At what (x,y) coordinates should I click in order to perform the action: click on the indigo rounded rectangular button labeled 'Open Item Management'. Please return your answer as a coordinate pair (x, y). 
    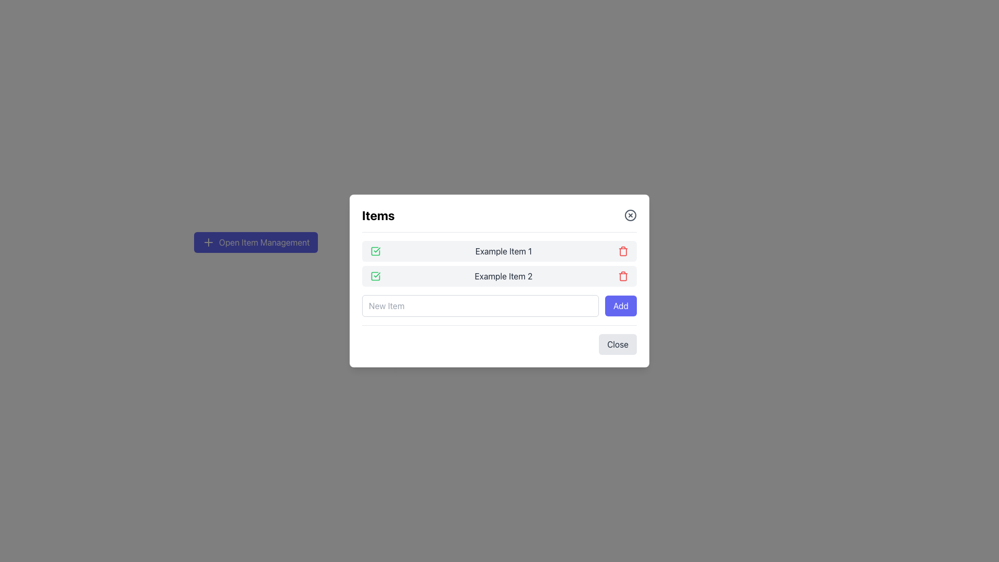
    Looking at the image, I should click on (256, 242).